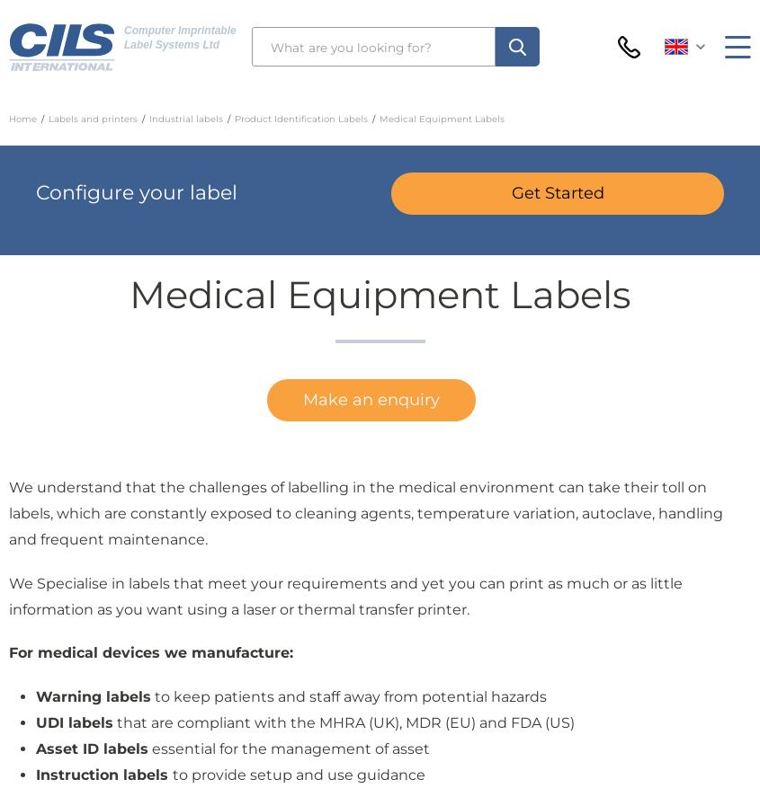  What do you see at coordinates (185, 118) in the screenshot?
I see `'Industrial labels'` at bounding box center [185, 118].